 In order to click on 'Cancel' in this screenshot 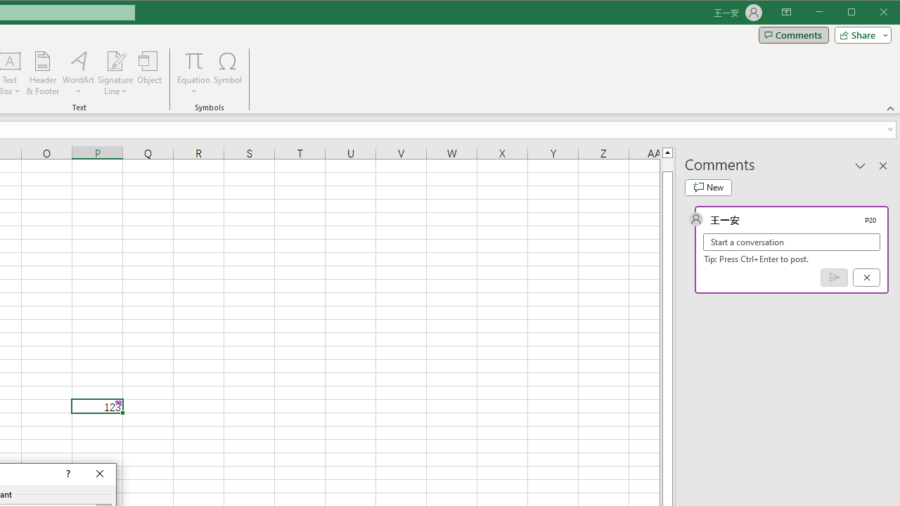, I will do `click(866, 278)`.